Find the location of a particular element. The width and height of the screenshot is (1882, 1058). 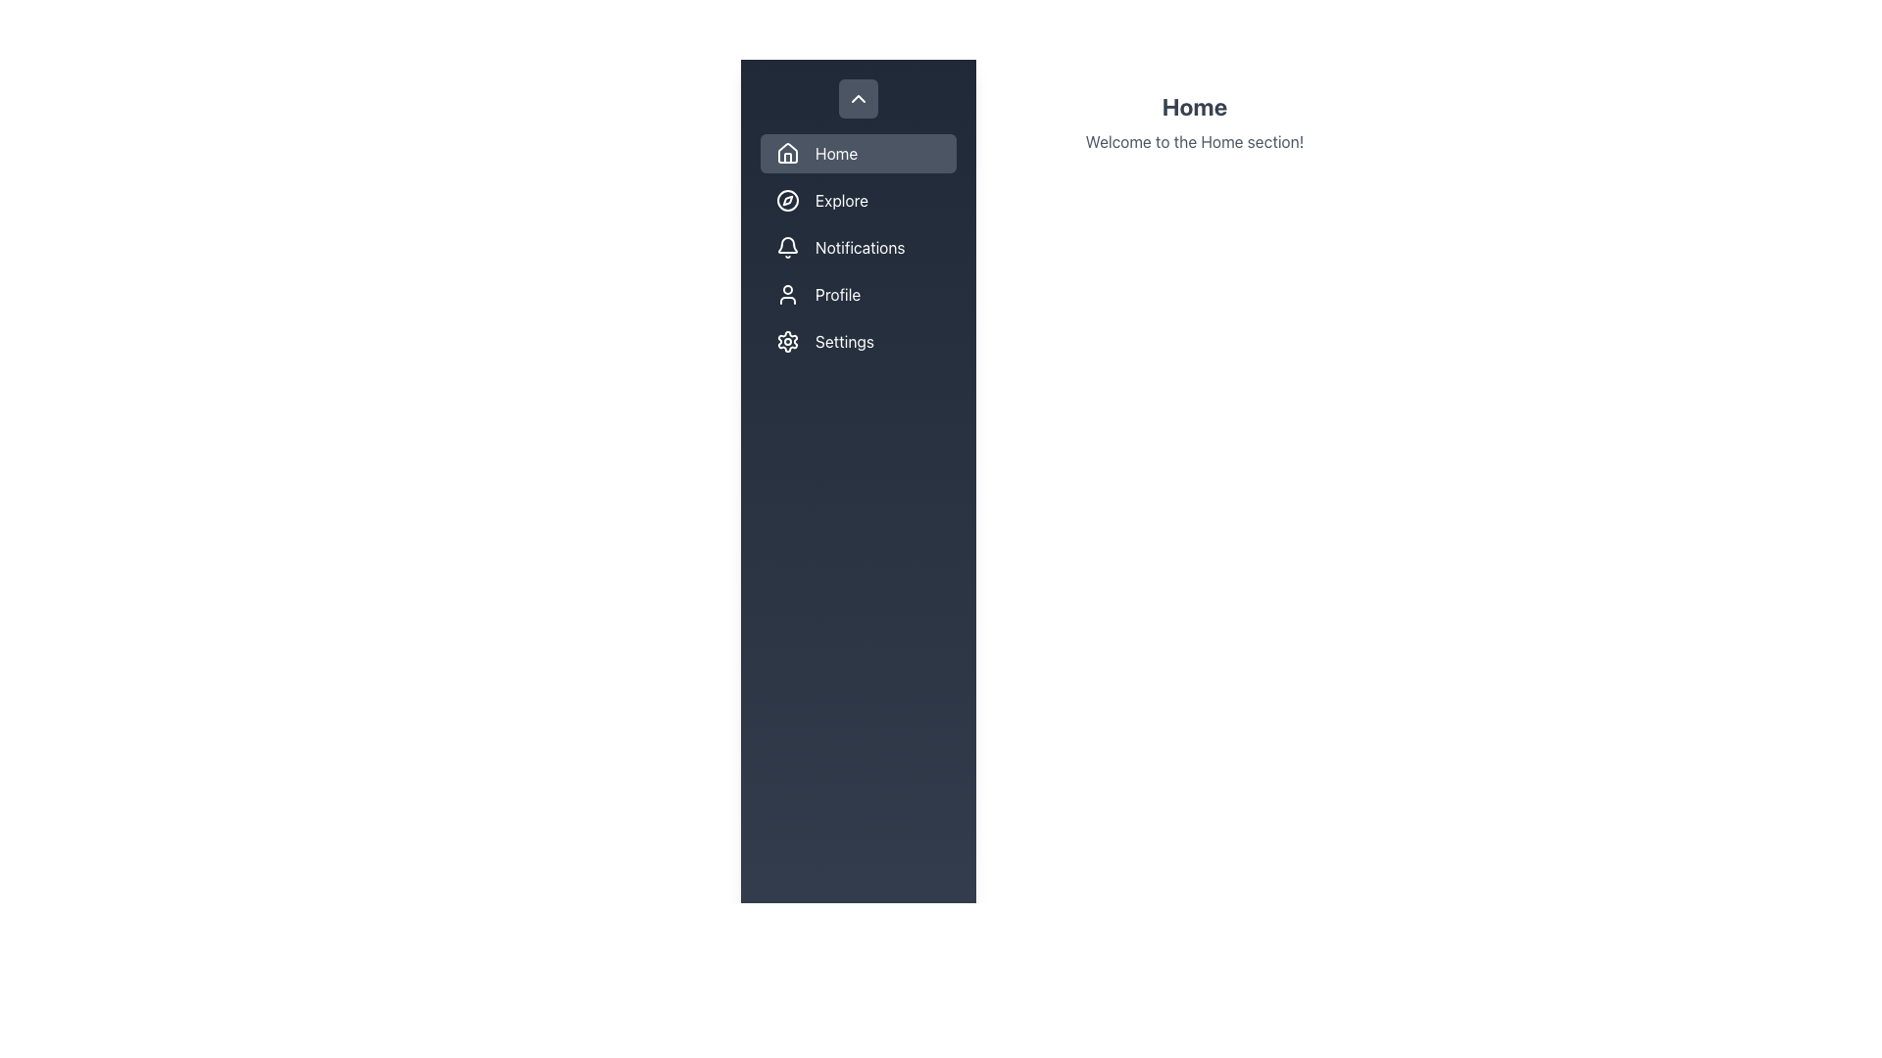

the 'Explore' icon in the navigation menu is located at coordinates (788, 200).